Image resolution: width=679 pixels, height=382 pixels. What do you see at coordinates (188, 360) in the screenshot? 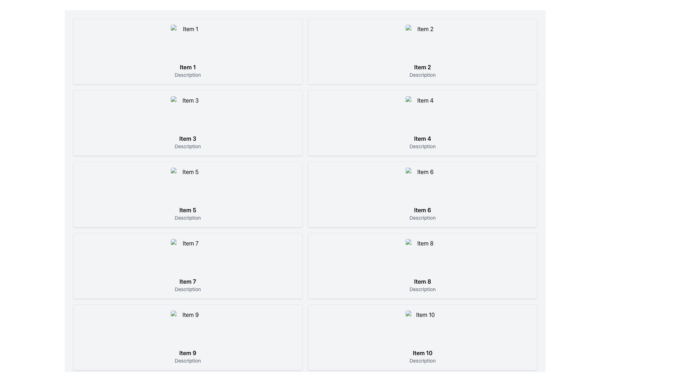
I see `text content of the gray text label that says 'Description', located below the bold 'Item 9' title` at bounding box center [188, 360].